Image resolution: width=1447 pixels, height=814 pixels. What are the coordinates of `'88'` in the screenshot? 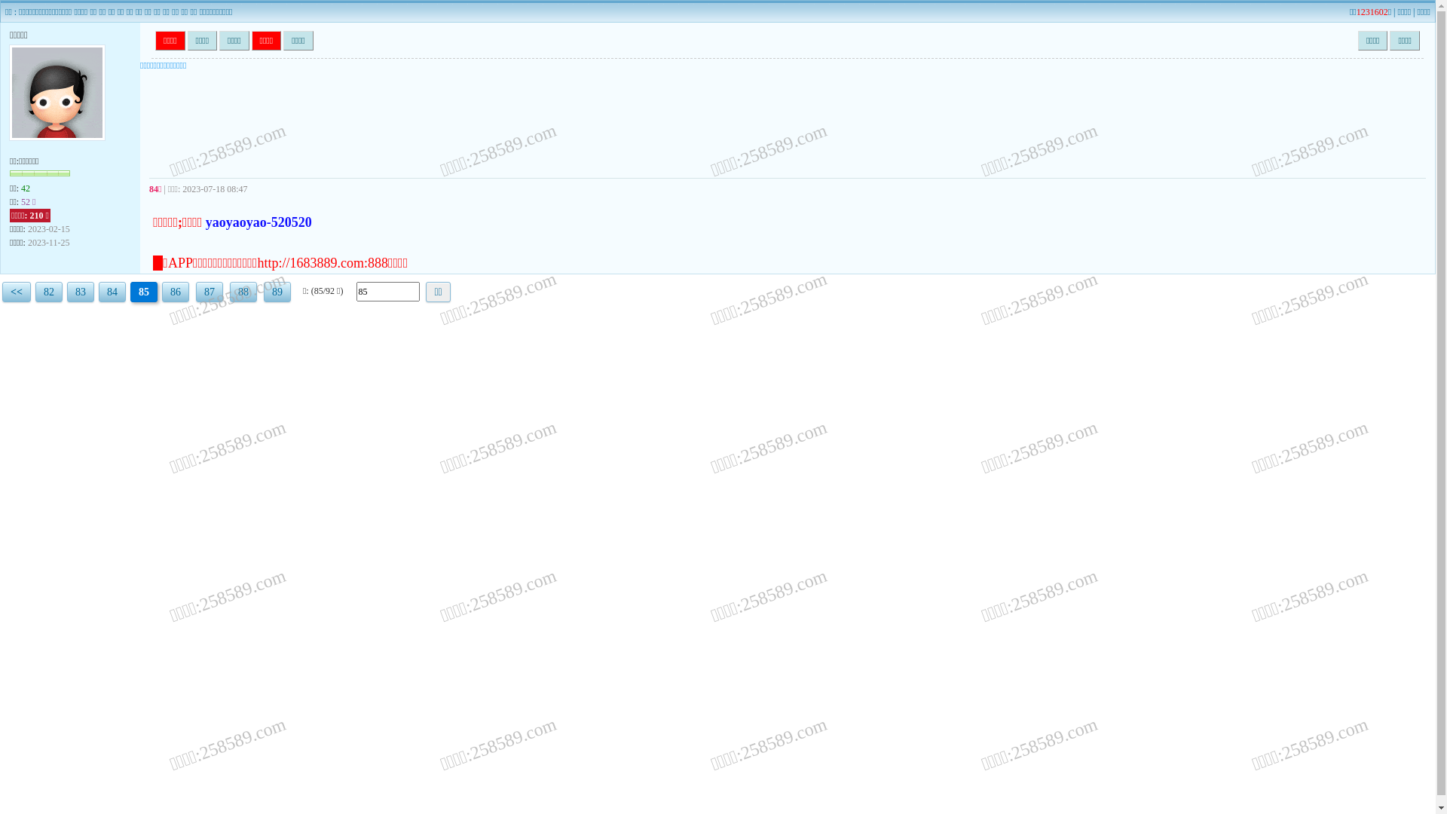 It's located at (243, 292).